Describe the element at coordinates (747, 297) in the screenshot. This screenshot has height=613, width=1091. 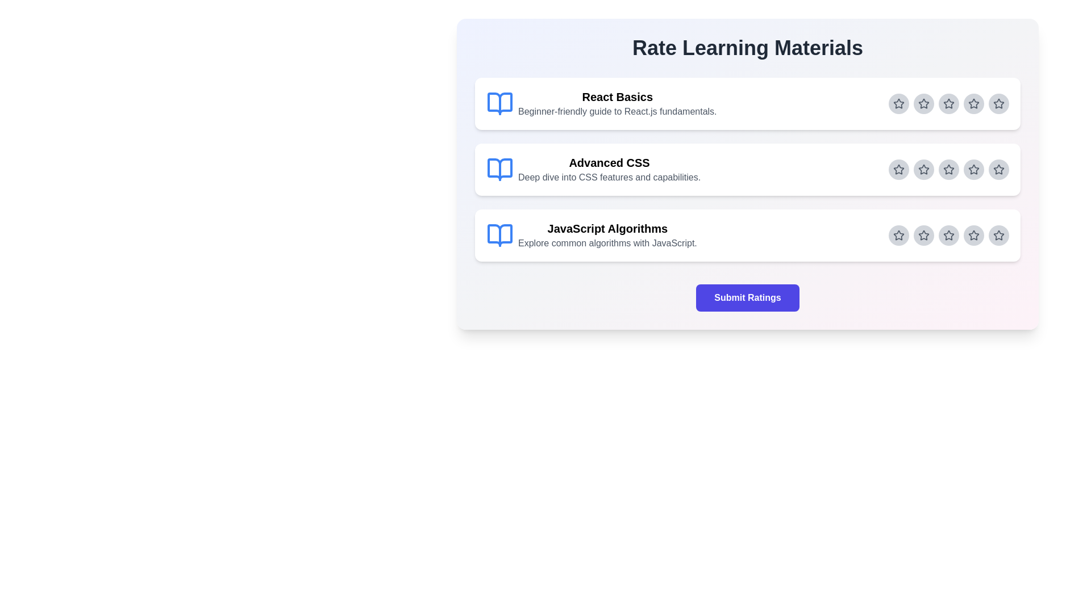
I see `the 'Submit Ratings' button to submit the ratings` at that location.